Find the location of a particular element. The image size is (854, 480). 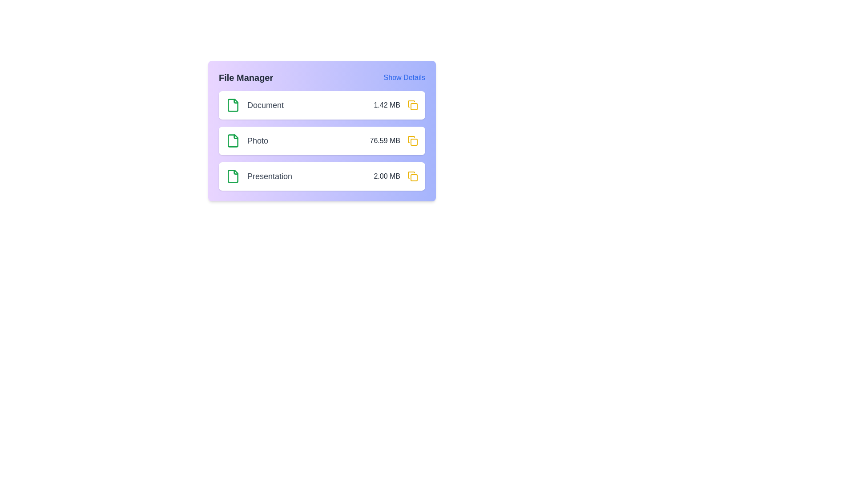

the third text label in the File Manager pane that identifies the file named 'Presentation' is located at coordinates (269, 176).